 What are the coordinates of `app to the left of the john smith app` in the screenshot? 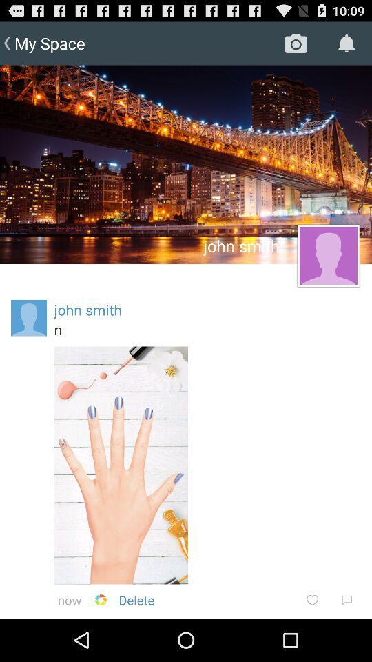 It's located at (29, 318).